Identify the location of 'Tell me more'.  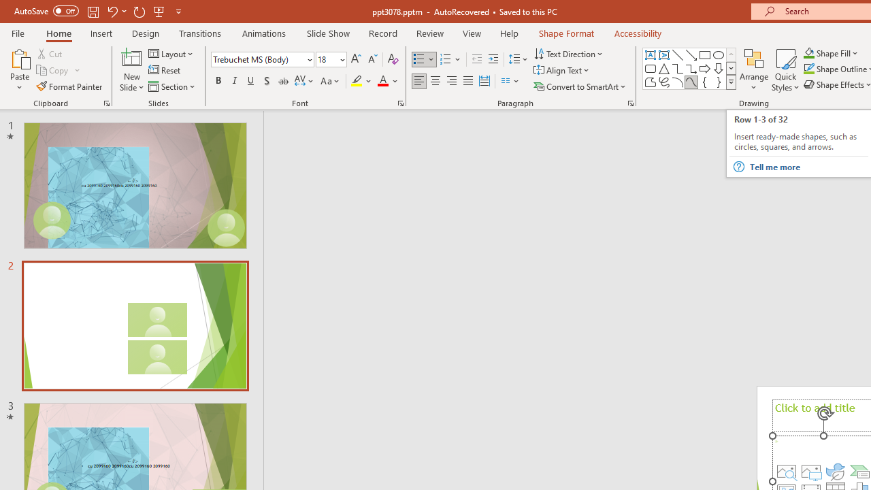
(808, 166).